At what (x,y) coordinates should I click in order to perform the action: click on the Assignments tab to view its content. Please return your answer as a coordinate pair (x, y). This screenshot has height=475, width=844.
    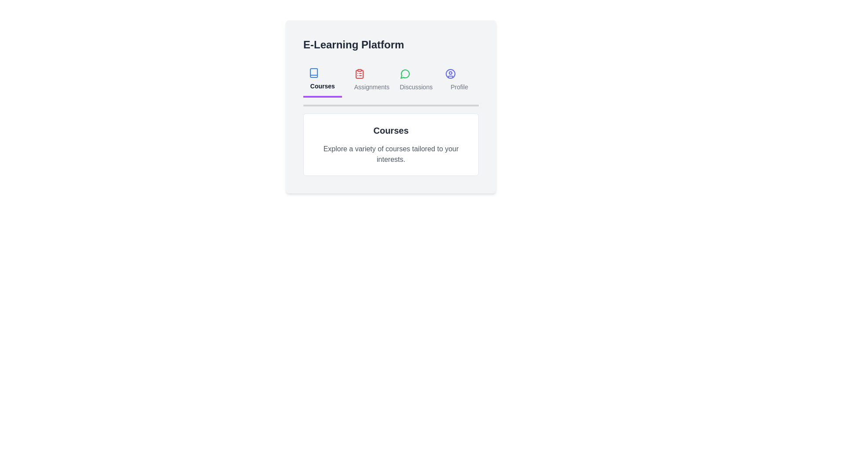
    Looking at the image, I should click on (368, 80).